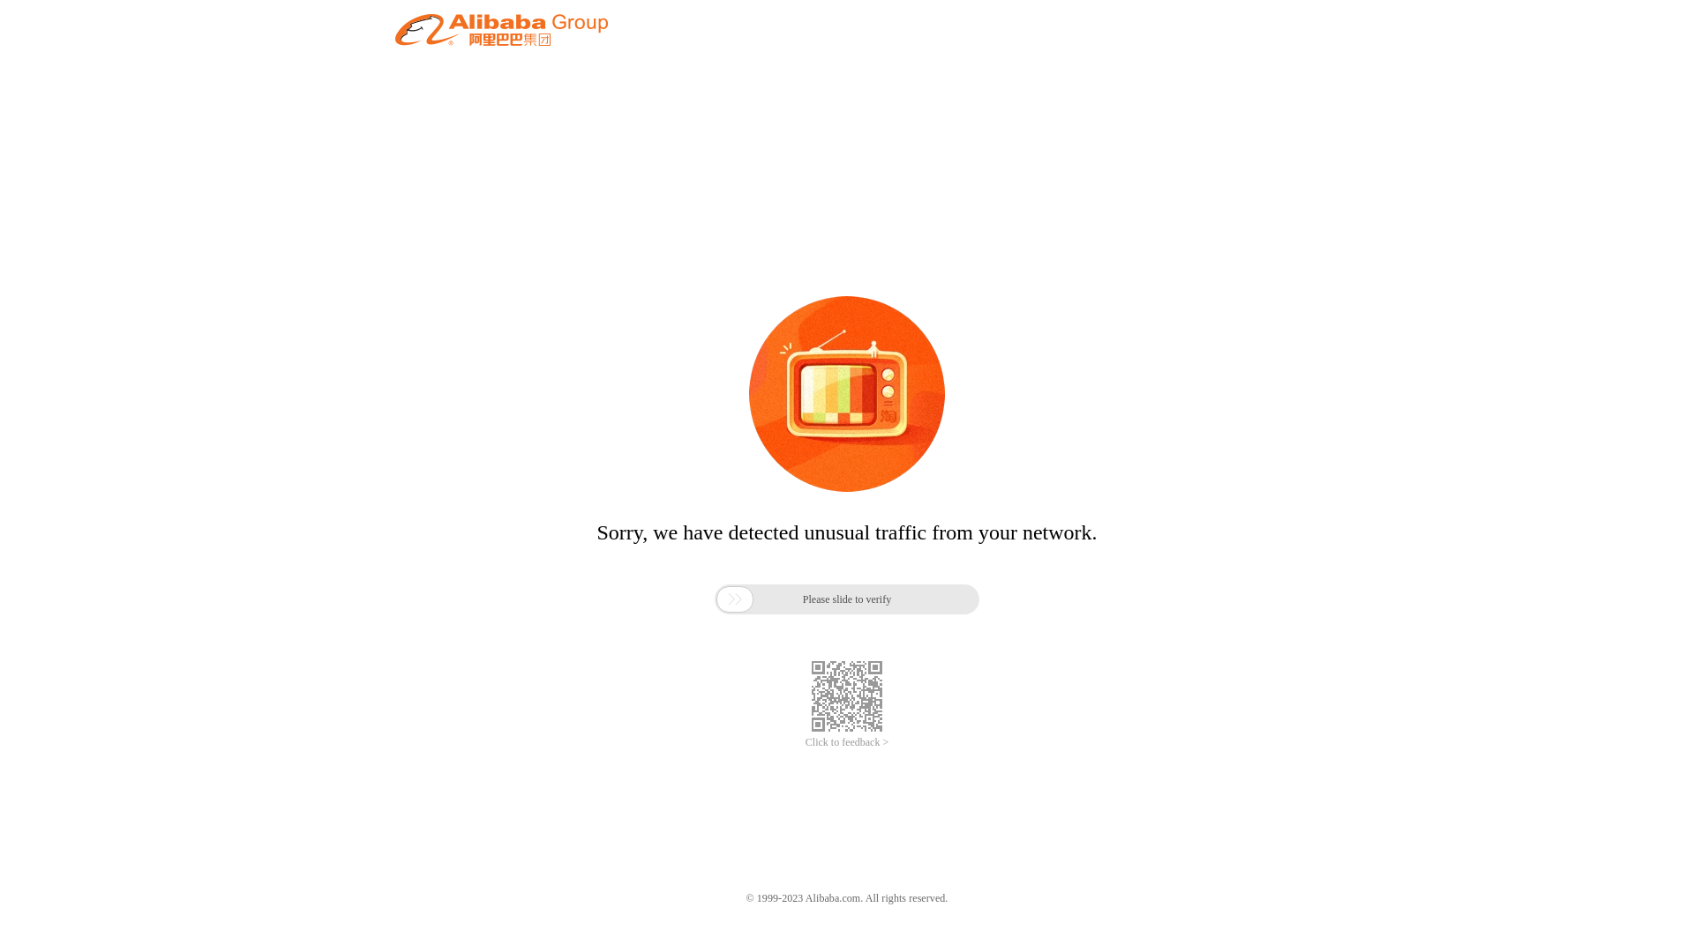  What do you see at coordinates (804, 742) in the screenshot?
I see `'Click to feedback >'` at bounding box center [804, 742].